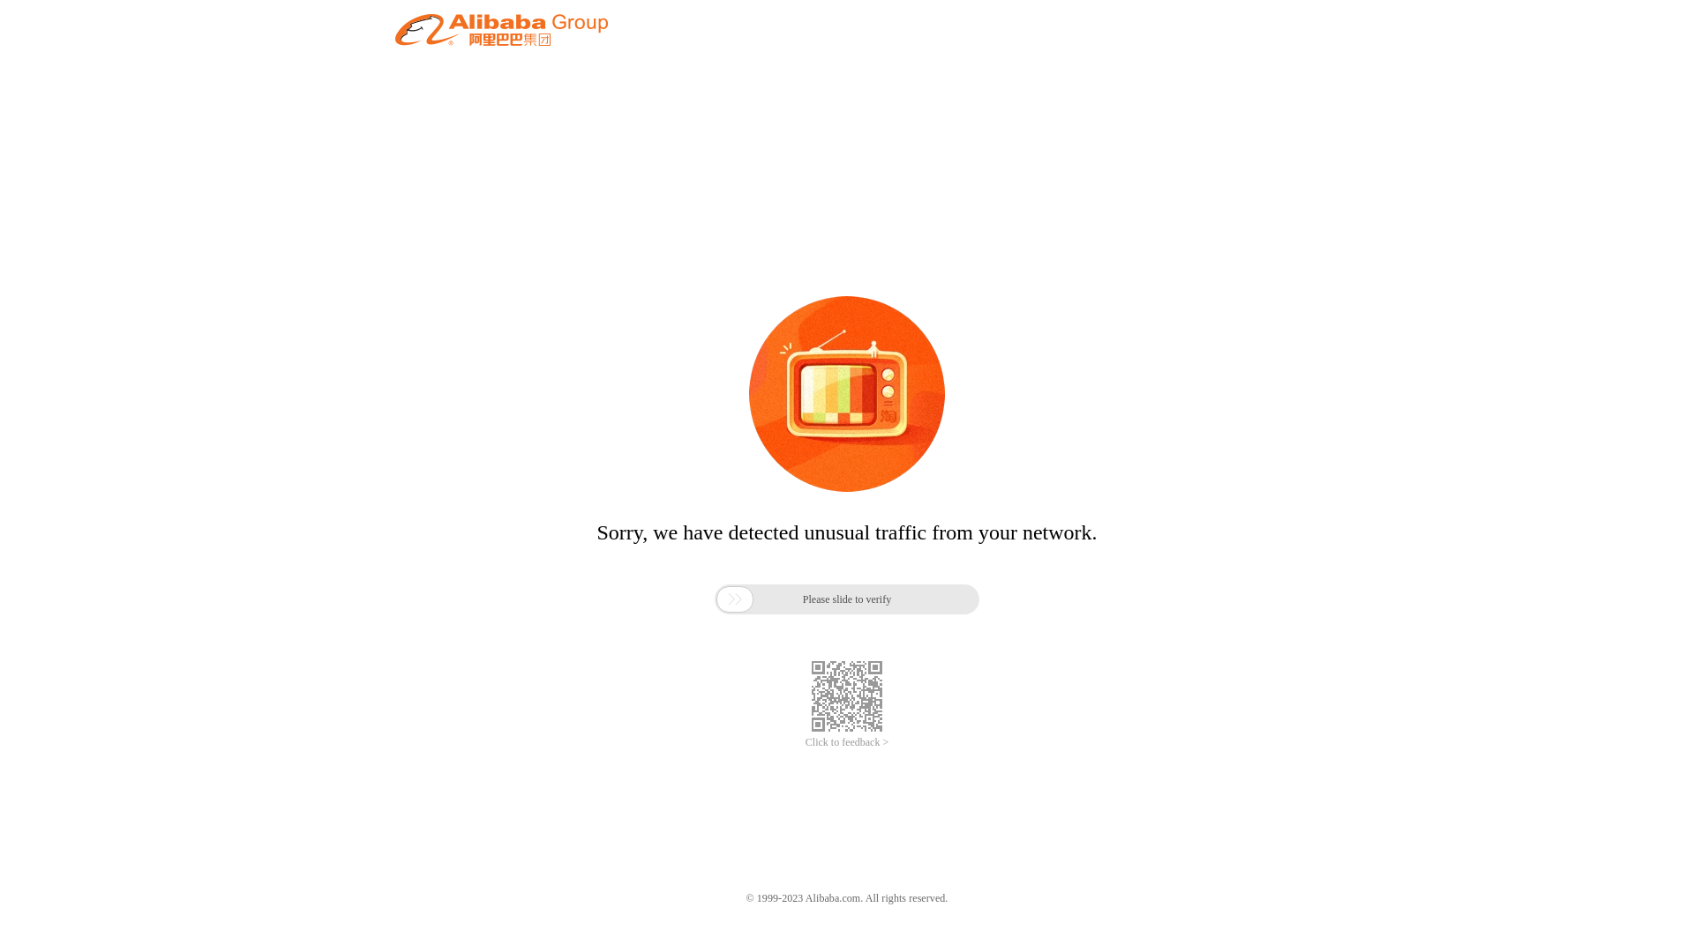  What do you see at coordinates (804, 742) in the screenshot?
I see `'Click to feedback >'` at bounding box center [804, 742].